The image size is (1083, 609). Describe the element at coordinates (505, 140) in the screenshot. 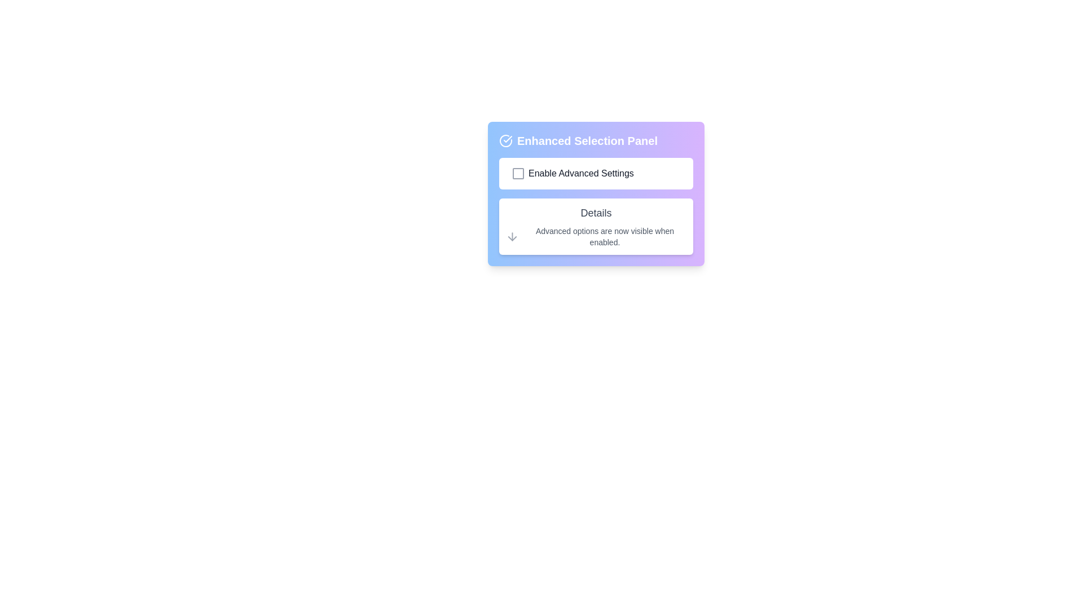

I see `the icon indicating a completed status or confirmation in the header of the 'Enhanced Selection Panel', located at the far left adjacent to the panel title` at that location.